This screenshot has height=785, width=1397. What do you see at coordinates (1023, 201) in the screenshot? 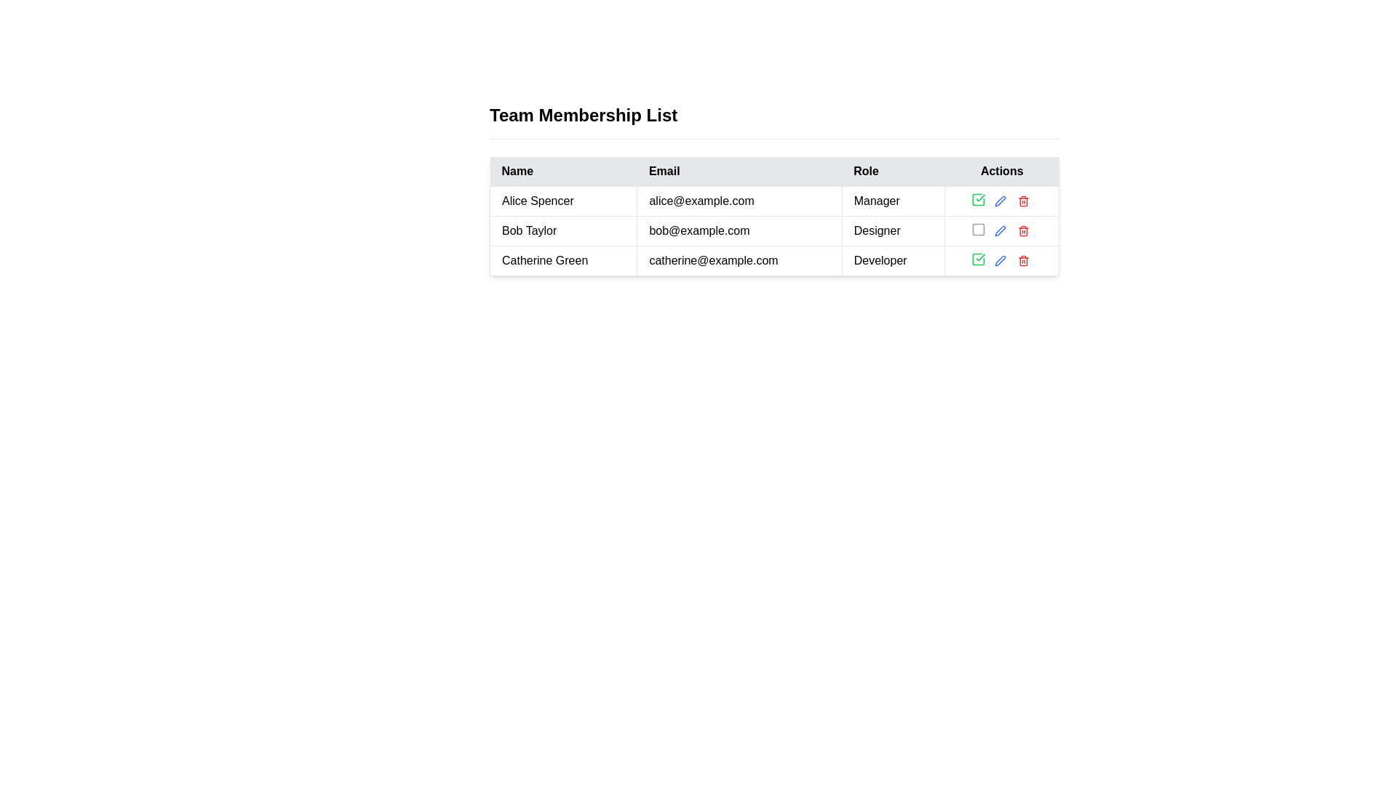
I see `the trash icon button in the 'Actions' column of the first row, which is aligned with 'Alice Spencer'` at bounding box center [1023, 201].